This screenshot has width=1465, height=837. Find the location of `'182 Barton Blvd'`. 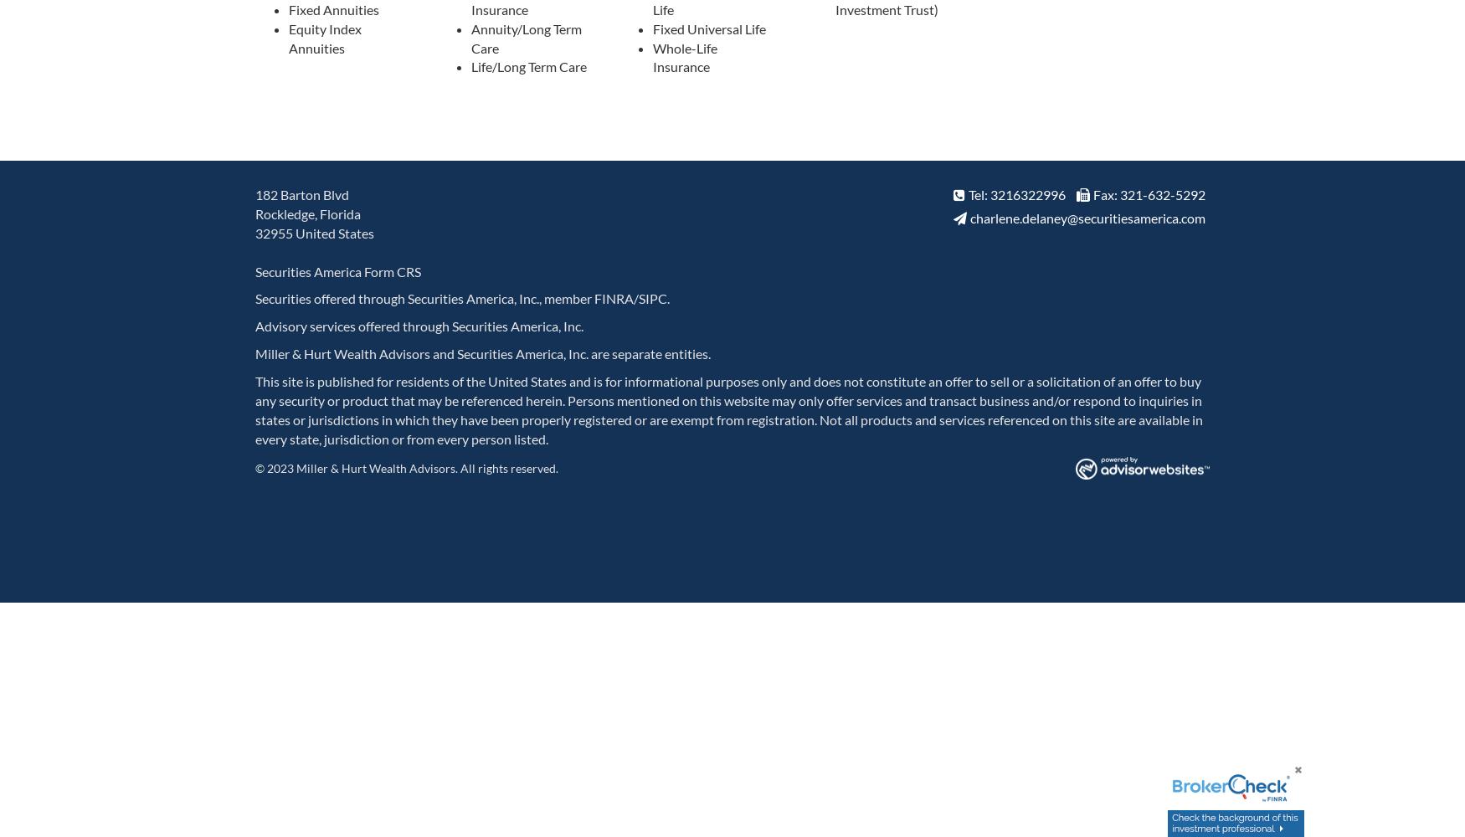

'182 Barton Blvd' is located at coordinates (302, 193).